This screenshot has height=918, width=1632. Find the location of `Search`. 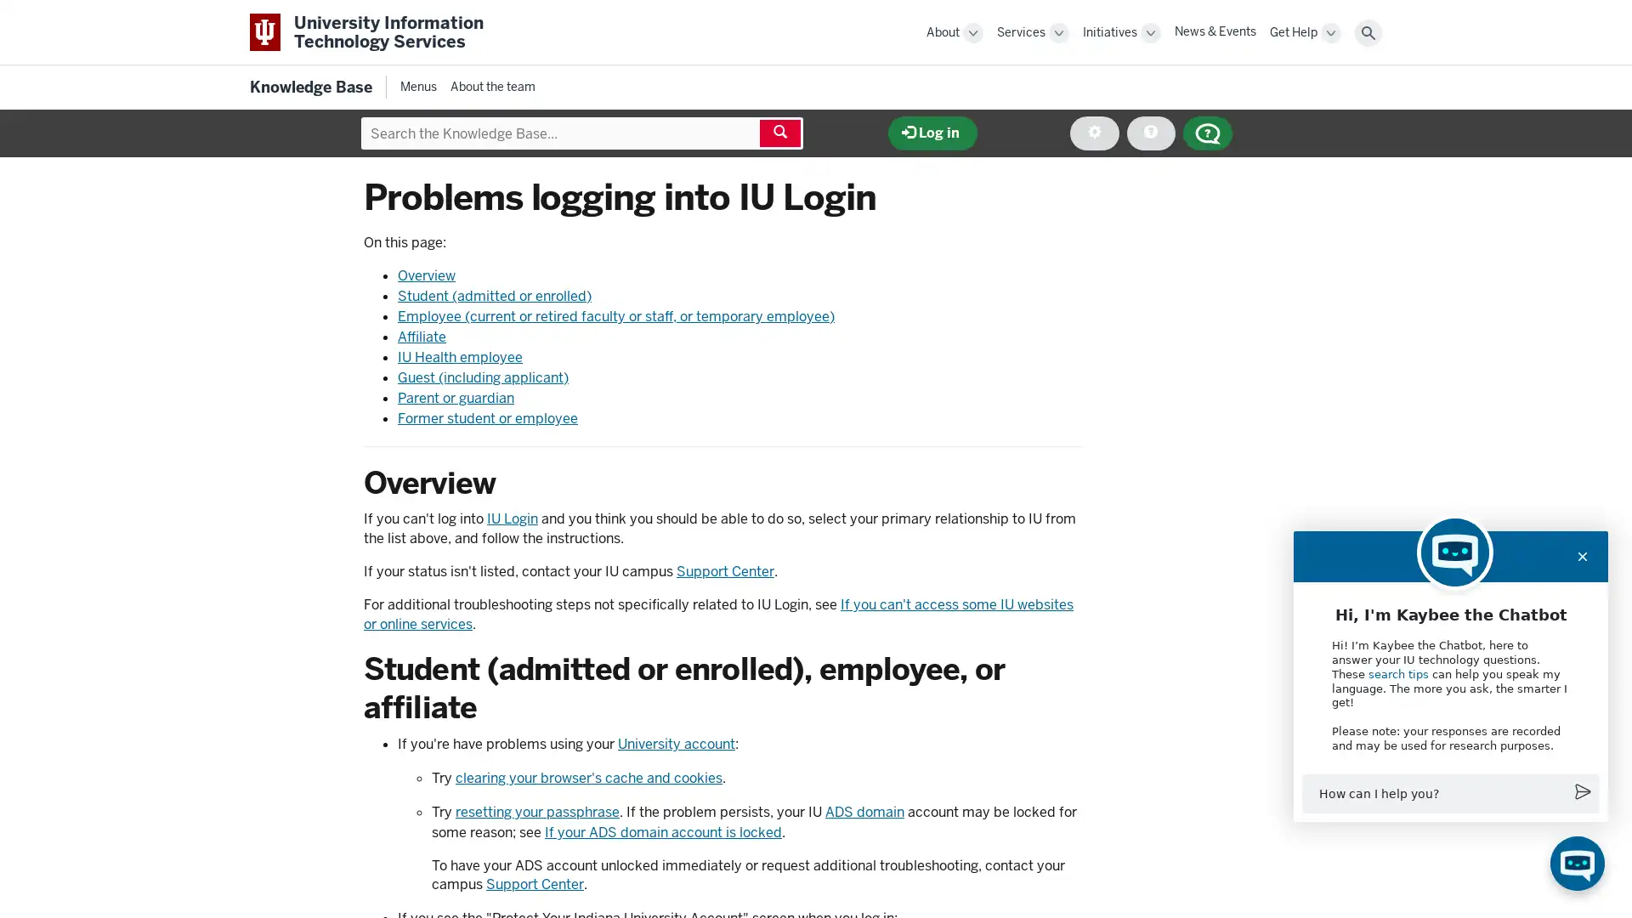

Search is located at coordinates (1368, 32).